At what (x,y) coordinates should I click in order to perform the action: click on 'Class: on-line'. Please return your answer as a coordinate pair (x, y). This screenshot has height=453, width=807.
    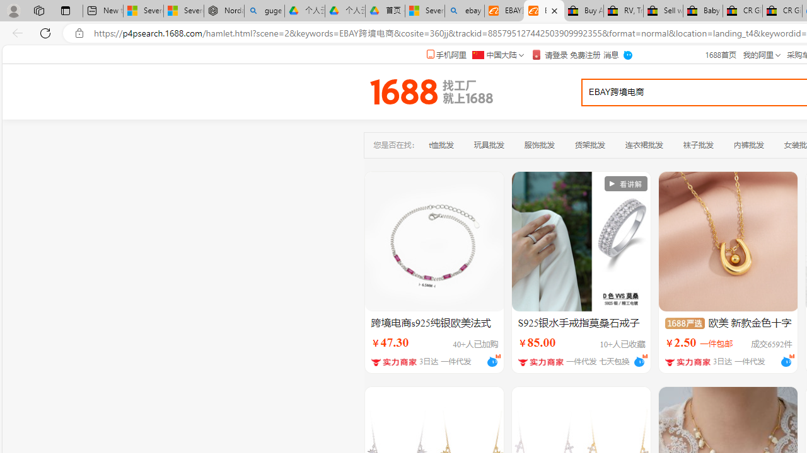
    Looking at the image, I should click on (791, 355).